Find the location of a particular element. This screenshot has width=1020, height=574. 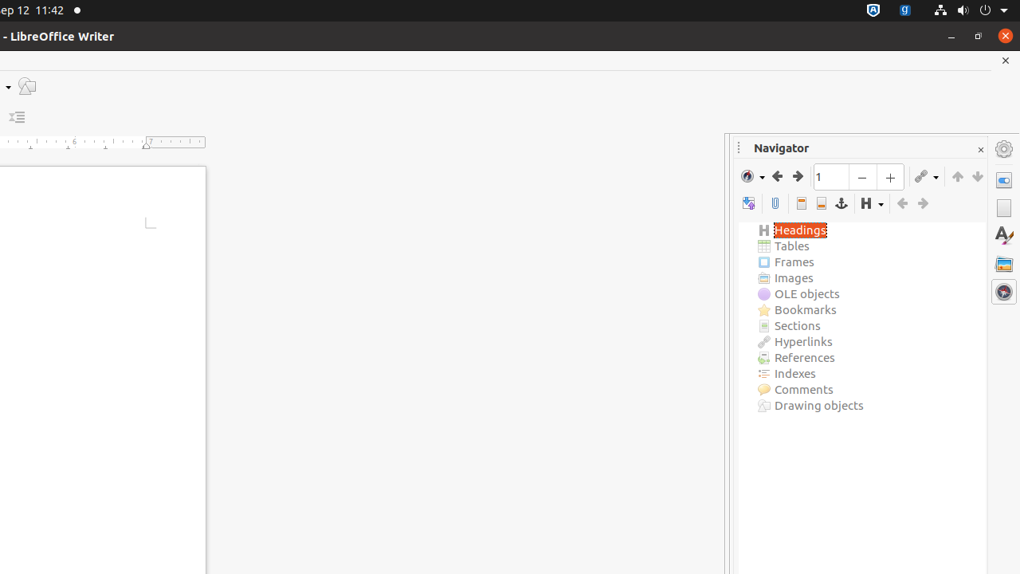

'Promote Level' is located at coordinates (902, 202).